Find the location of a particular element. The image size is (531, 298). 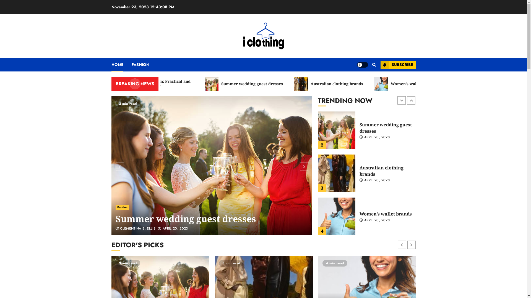

'Search' is located at coordinates (363, 81).